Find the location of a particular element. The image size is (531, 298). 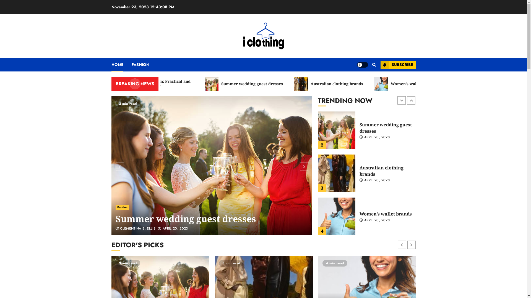

'Search' is located at coordinates (363, 81).